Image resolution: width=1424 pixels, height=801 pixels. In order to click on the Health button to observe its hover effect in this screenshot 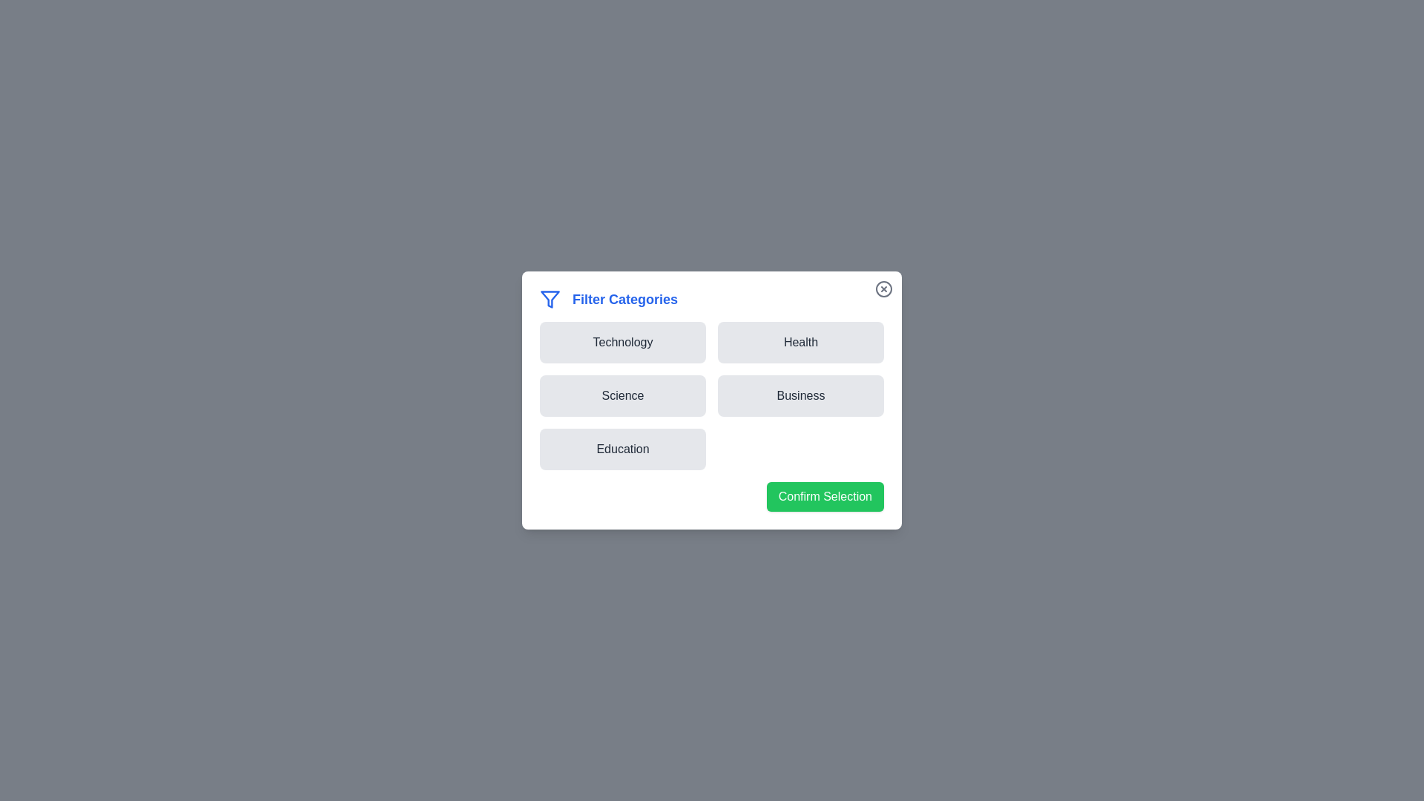, I will do `click(800, 343)`.